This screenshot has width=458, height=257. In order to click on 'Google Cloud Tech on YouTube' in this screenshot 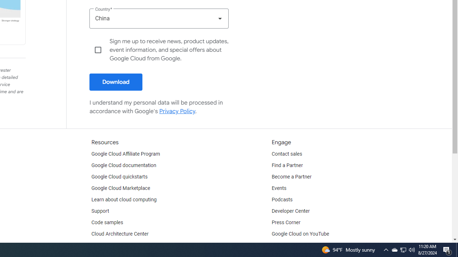, I will do `click(306, 245)`.